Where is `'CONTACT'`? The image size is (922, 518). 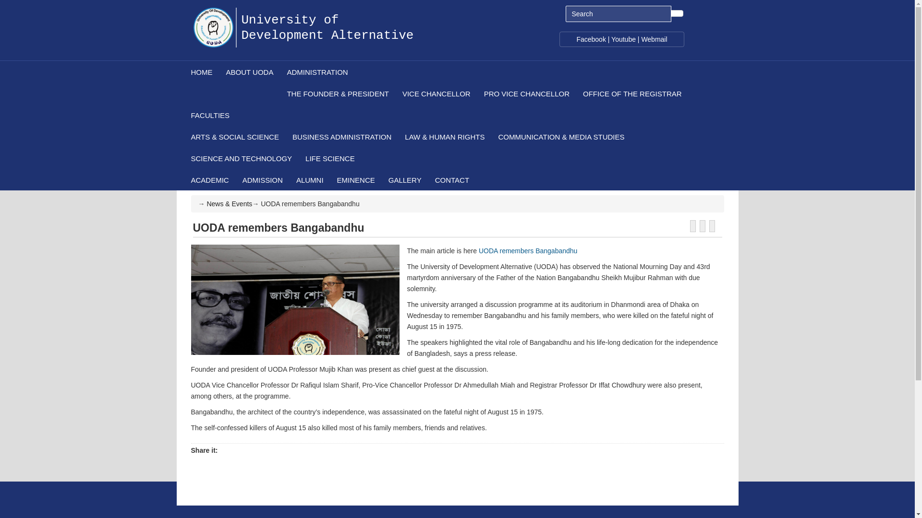
'CONTACT' is located at coordinates (451, 179).